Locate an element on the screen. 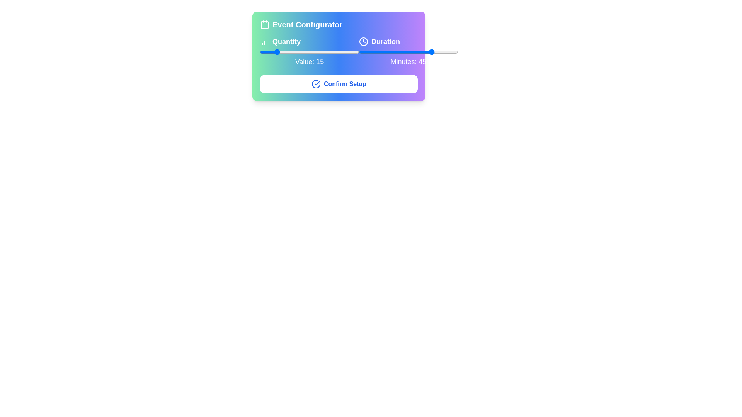 The width and height of the screenshot is (742, 417). duration is located at coordinates (416, 52).